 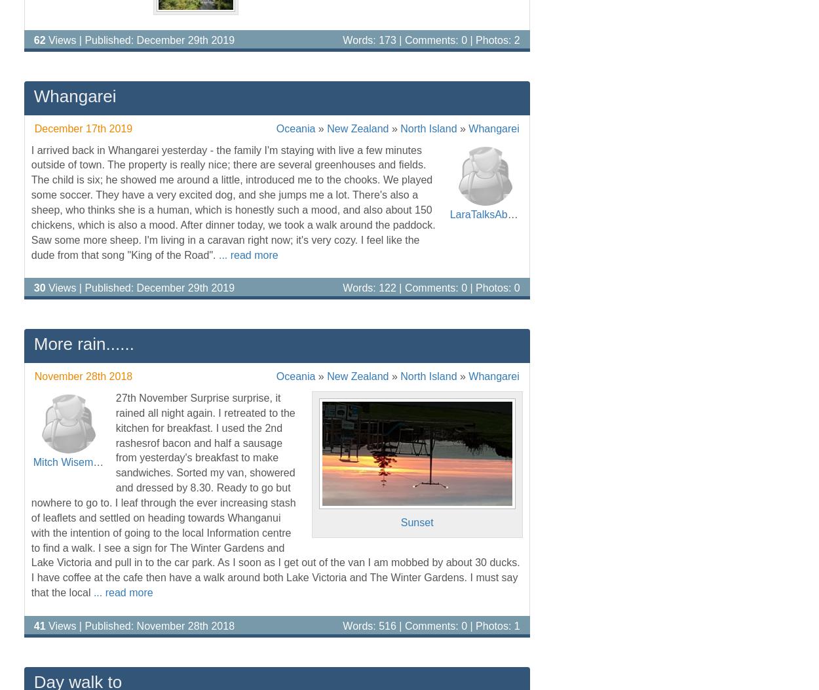 I want to click on 'More rain......', so click(x=83, y=344).